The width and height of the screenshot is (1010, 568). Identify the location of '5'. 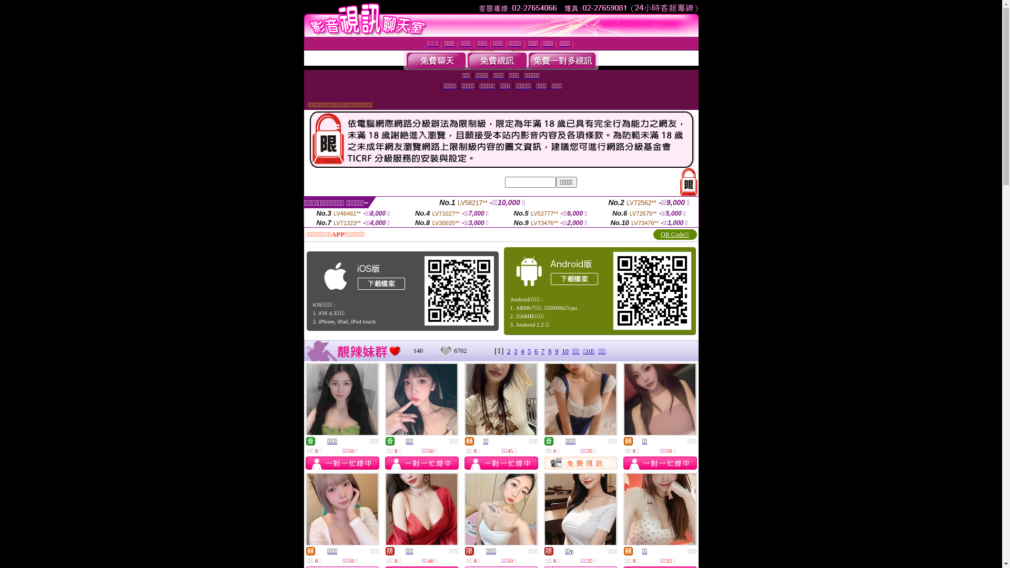
(529, 351).